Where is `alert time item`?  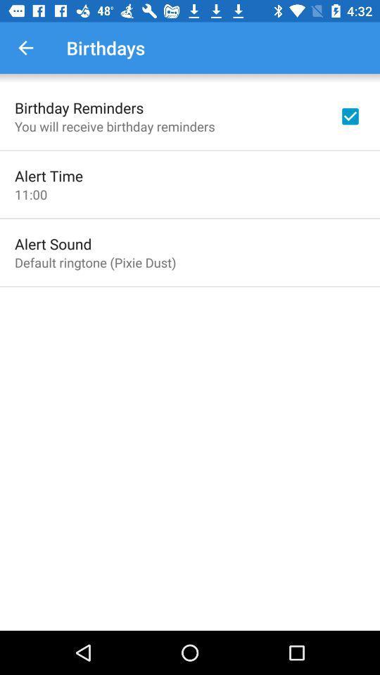 alert time item is located at coordinates (48, 175).